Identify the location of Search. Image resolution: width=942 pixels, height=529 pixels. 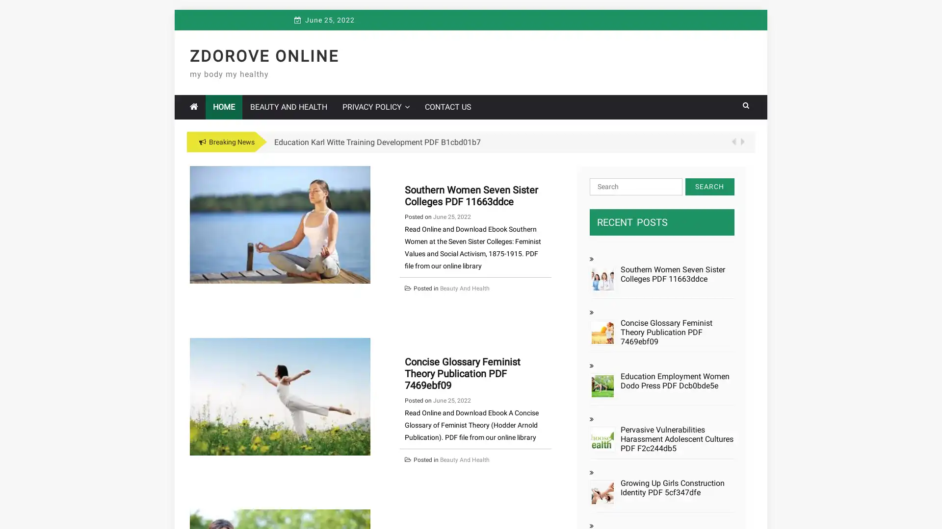
(709, 186).